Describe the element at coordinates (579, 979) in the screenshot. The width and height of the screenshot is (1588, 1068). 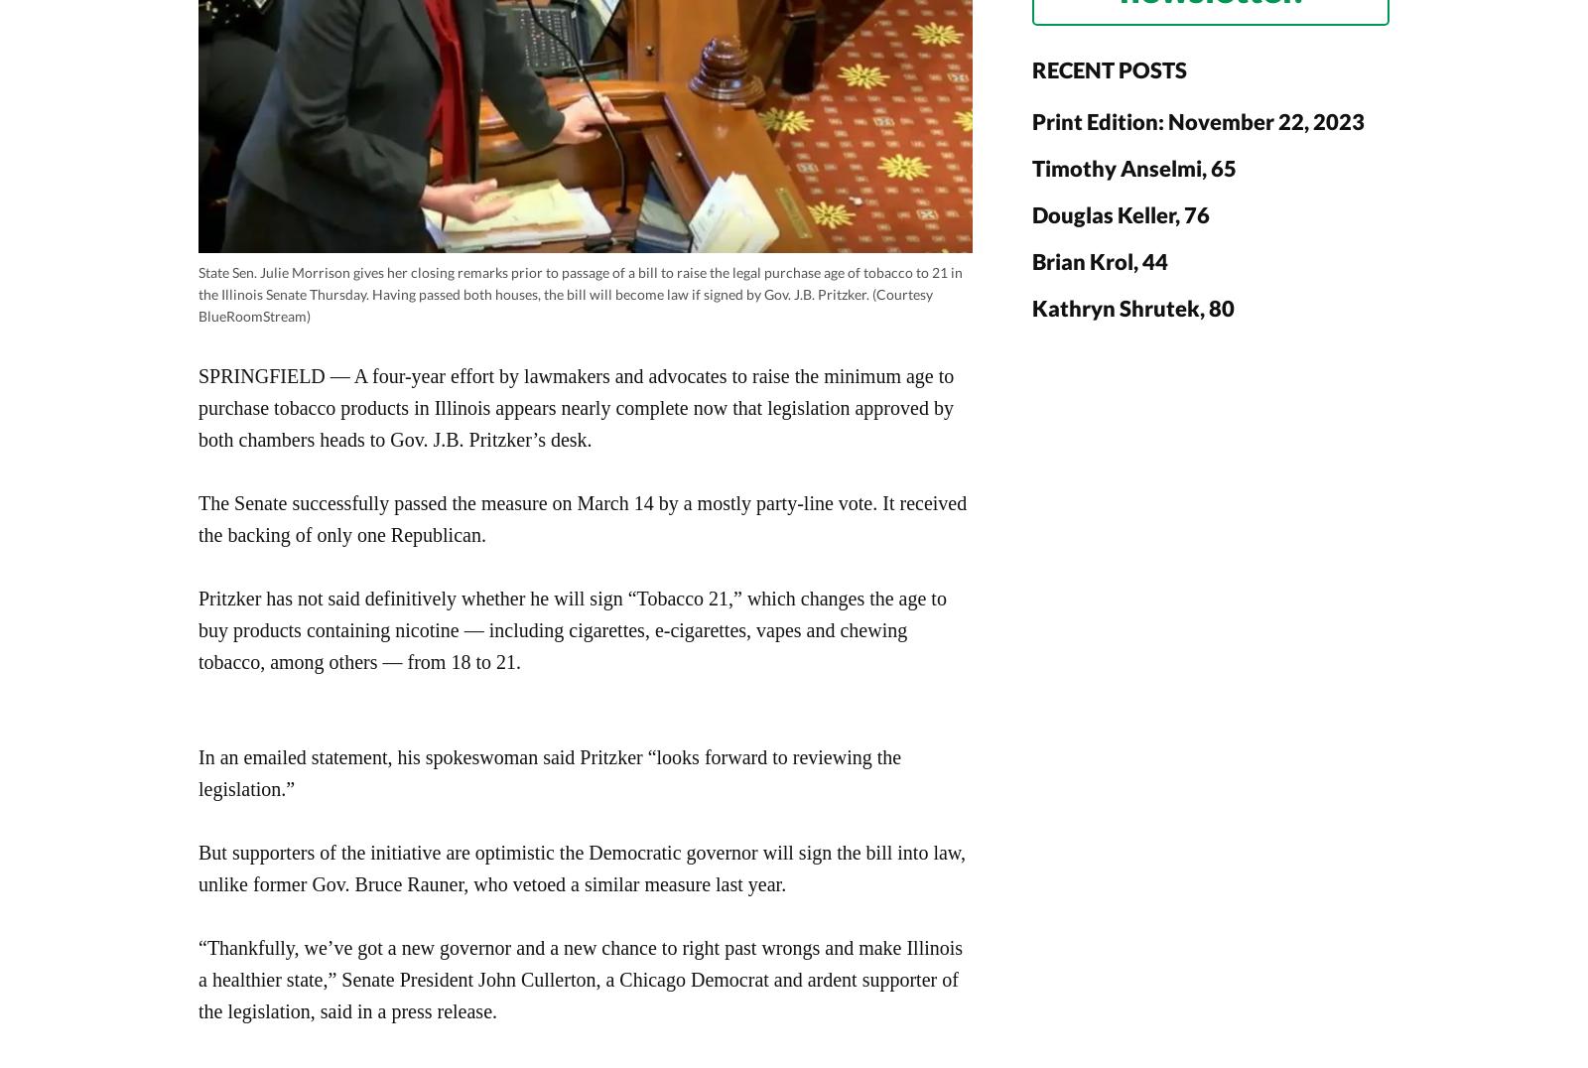
I see `'“Thankfully, we’ve got a new governor and a new chance to right past wrongs and make Illinois a healthier state,” Senate President John Cullerton, a Chicago Democrat and ardent supporter of the legislation, said in a press release.'` at that location.